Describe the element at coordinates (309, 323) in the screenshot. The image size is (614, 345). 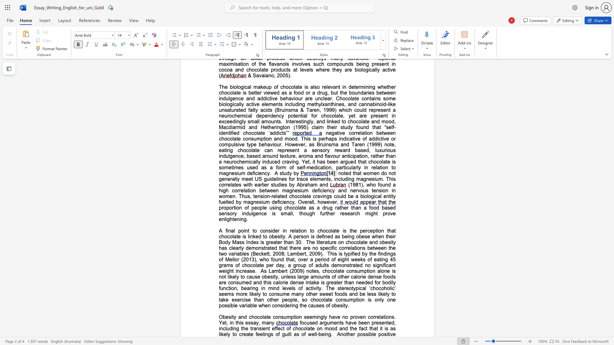
I see `the subset text "sed arguments have been presented, including the transient effect of chocol" within the text "focused arguments have been presented, including the transient effect of chocolate on mood and the fact that it is as likely to create feelings of guilt as of well-being"` at that location.